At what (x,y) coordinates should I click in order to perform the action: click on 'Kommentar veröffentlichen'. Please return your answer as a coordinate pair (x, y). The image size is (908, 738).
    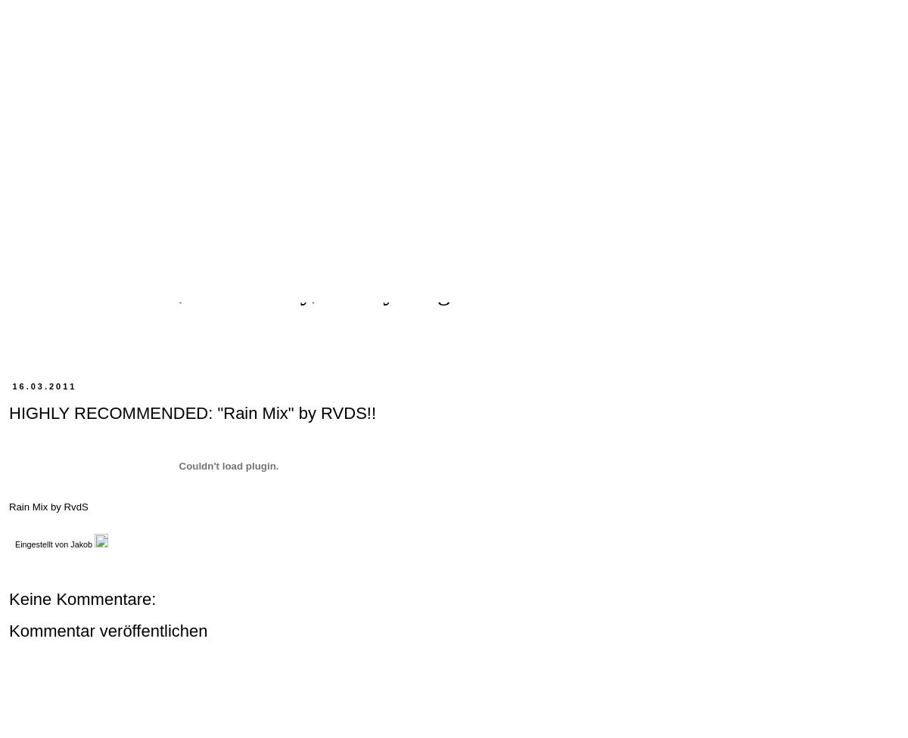
    Looking at the image, I should click on (108, 631).